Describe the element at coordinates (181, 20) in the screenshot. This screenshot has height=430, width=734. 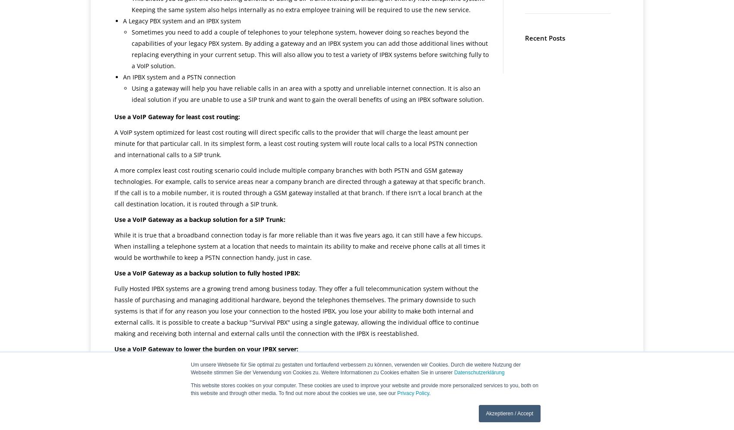
I see `'A Legacy PBX system and an IPBX system'` at that location.